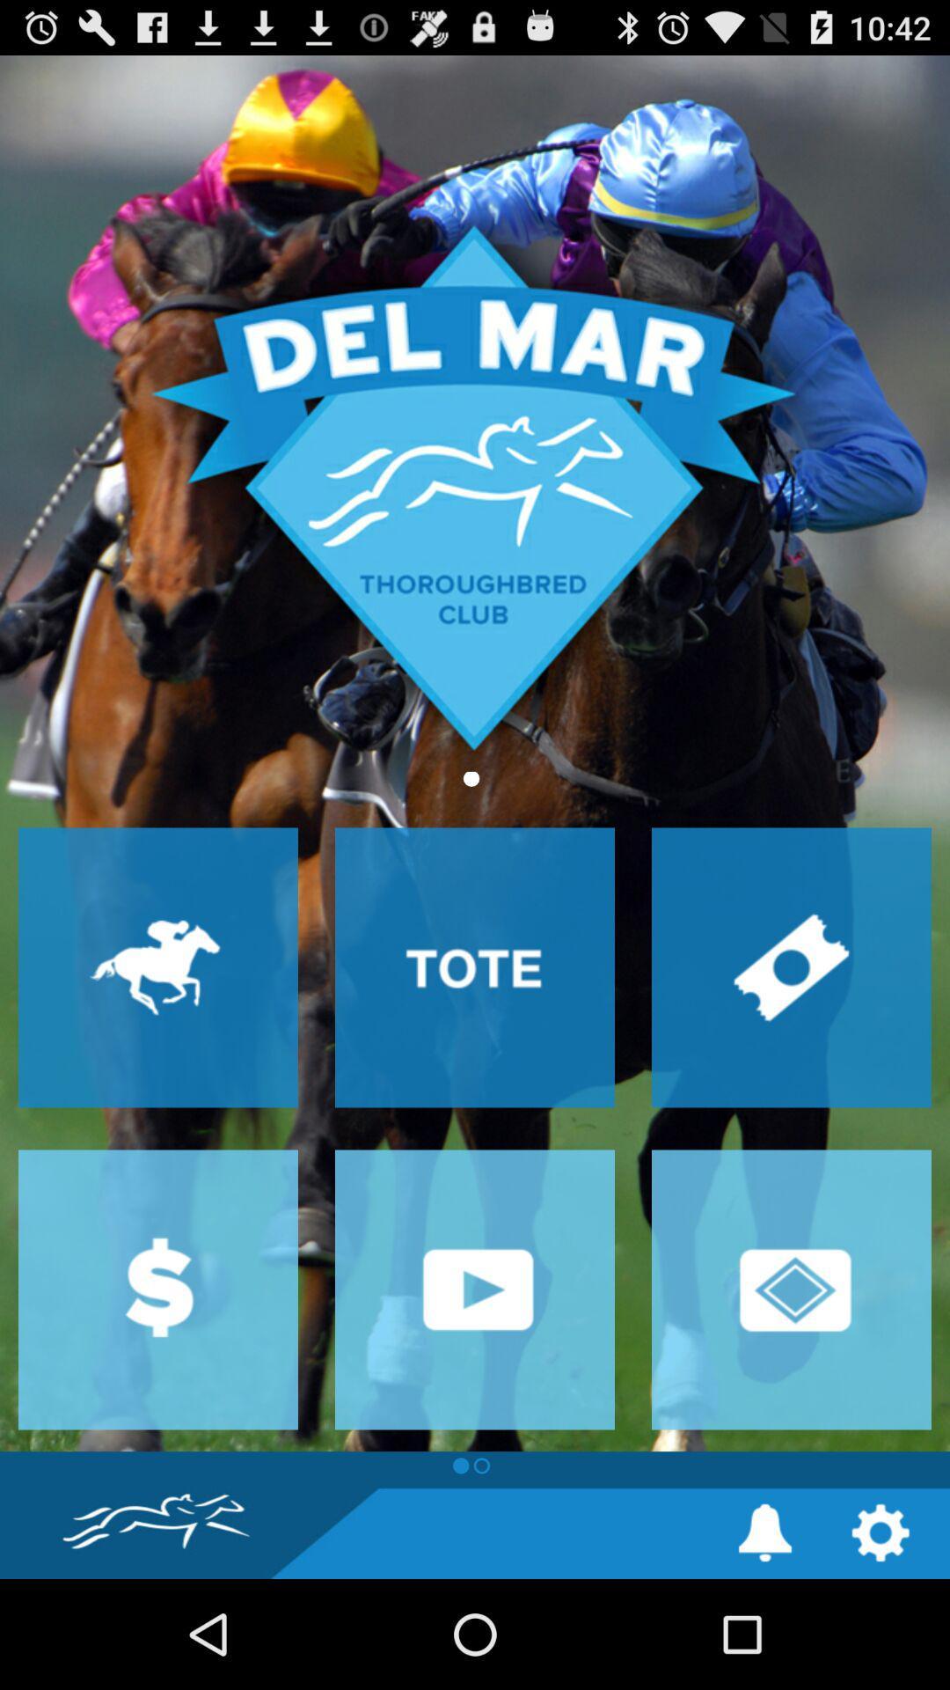 The height and width of the screenshot is (1690, 950). I want to click on racing info, so click(158, 966).